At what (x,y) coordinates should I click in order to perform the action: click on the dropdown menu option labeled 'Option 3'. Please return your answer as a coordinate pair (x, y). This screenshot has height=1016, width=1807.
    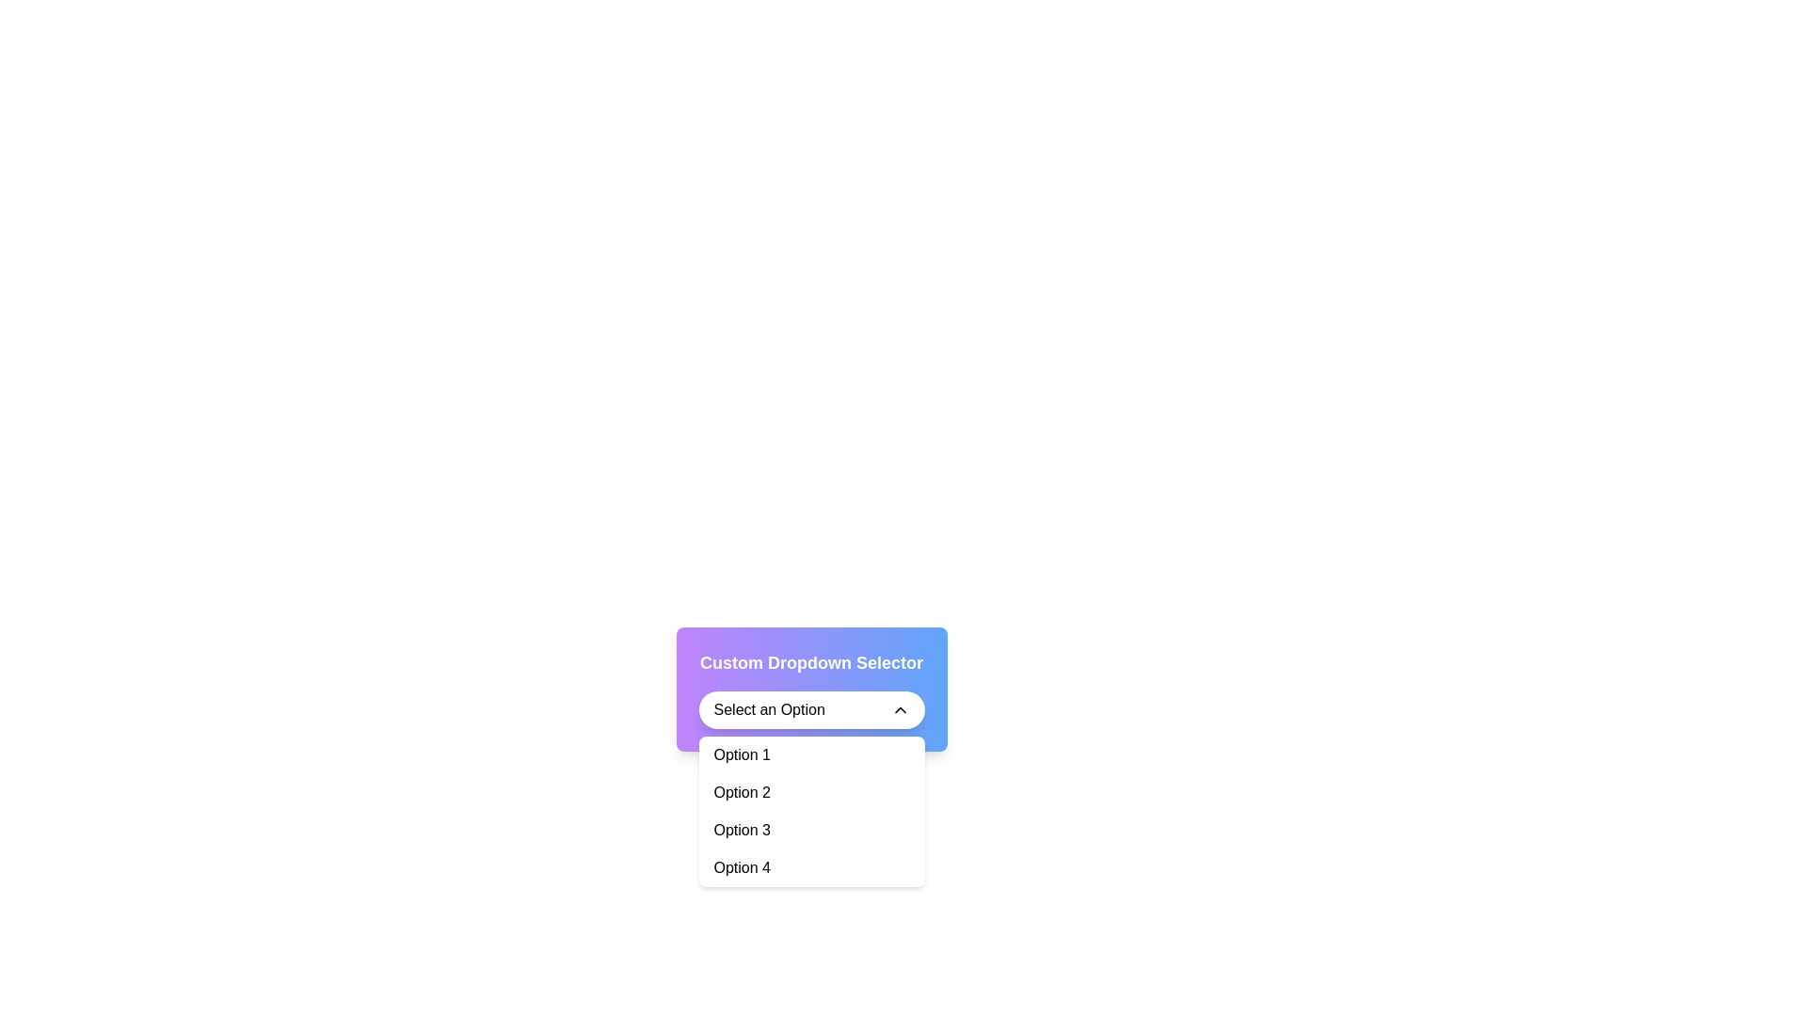
    Looking at the image, I should click on (811, 830).